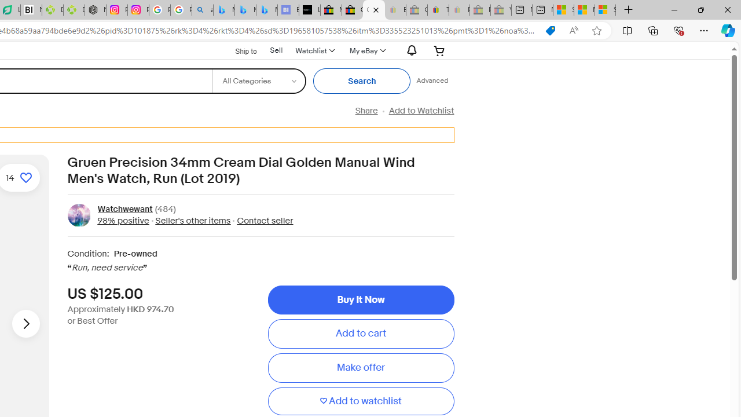 Image resolution: width=741 pixels, height=417 pixels. What do you see at coordinates (563, 10) in the screenshot?
I see `'Shanghai, China hourly forecast | Microsoft Weather'` at bounding box center [563, 10].